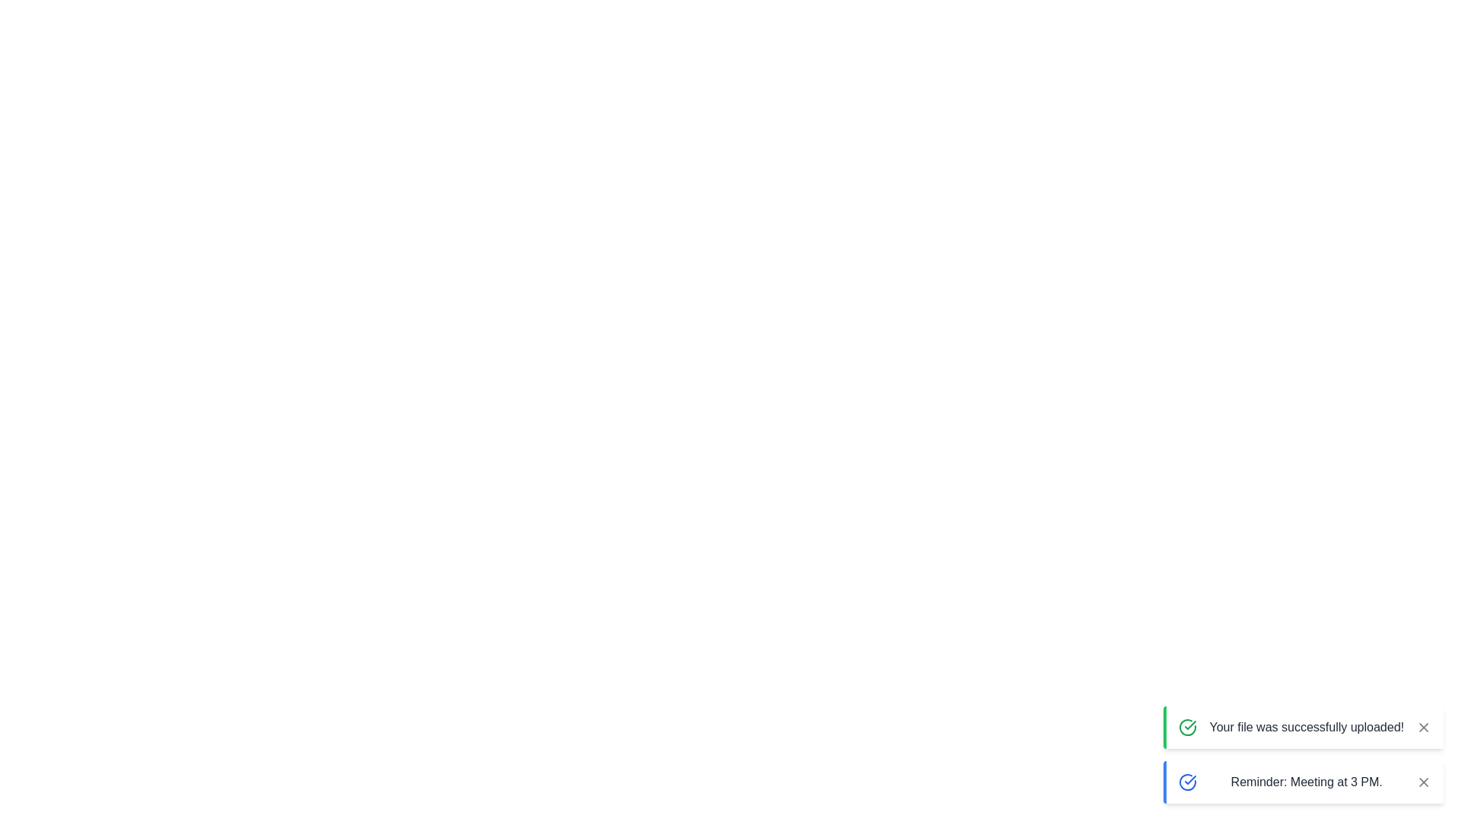  I want to click on the notification with message 'Reminder: Meeting at 3 PM.', so click(1303, 782).